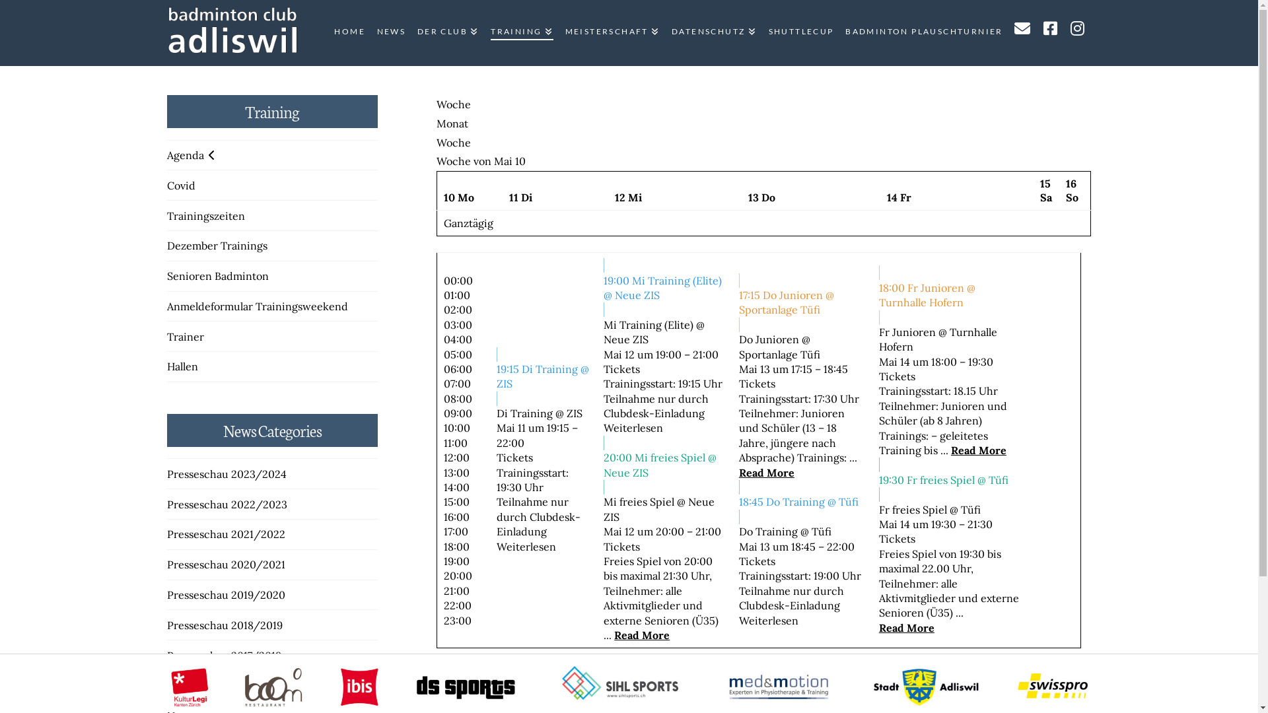 This screenshot has height=713, width=1268. Describe the element at coordinates (641, 634) in the screenshot. I see `'Read More'` at that location.